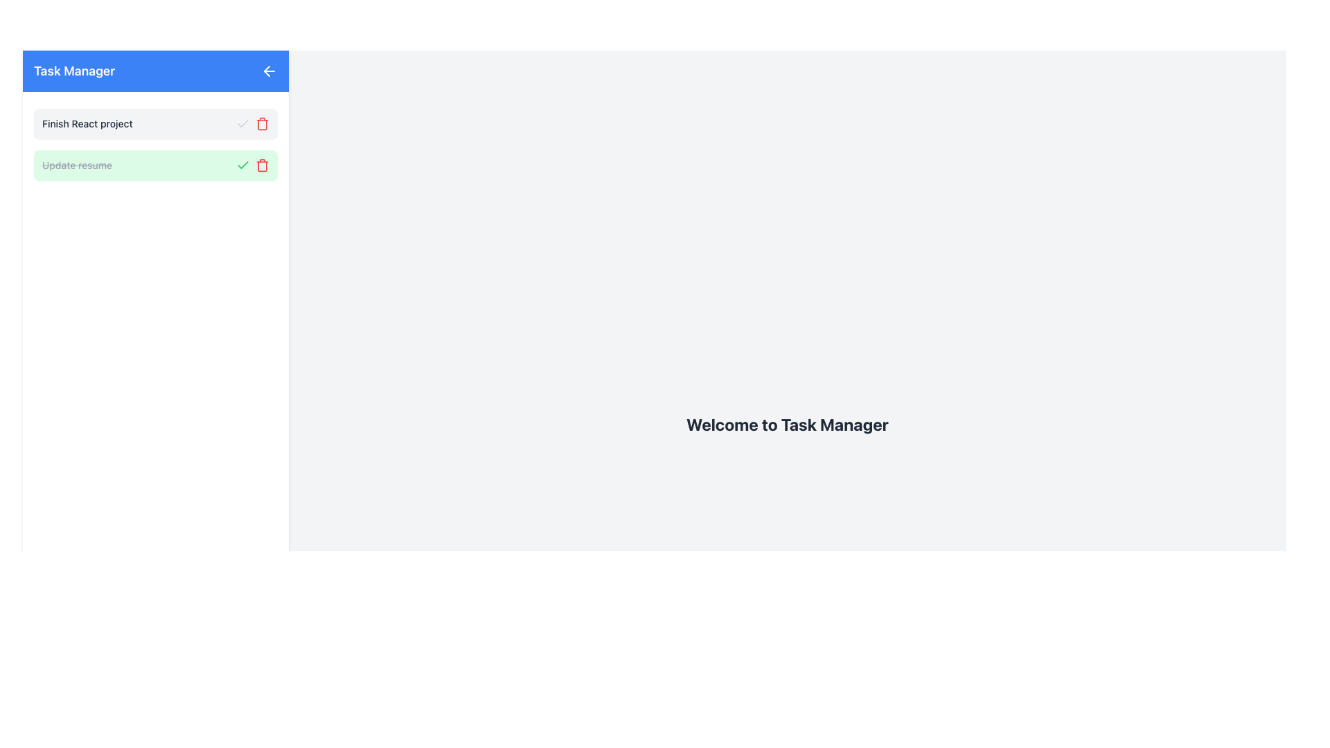 The image size is (1330, 748). I want to click on text from the 'Task Manager' label, which is styled in white bold font on a blue background located in the header section of the application layout, so click(73, 71).